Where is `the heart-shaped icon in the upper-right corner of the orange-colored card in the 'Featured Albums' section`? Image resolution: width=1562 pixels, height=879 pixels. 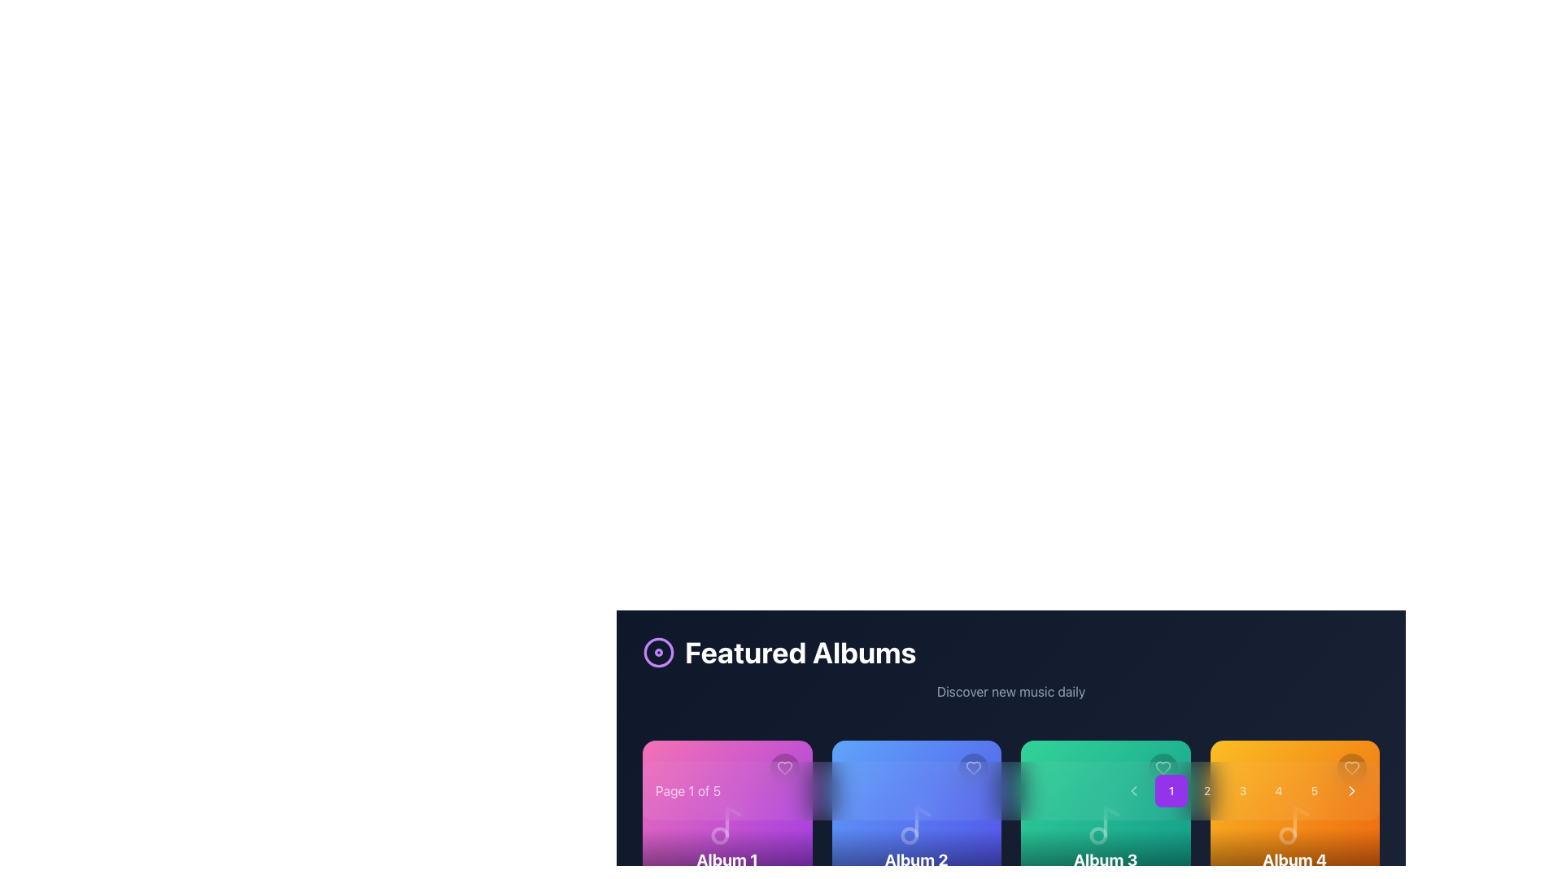 the heart-shaped icon in the upper-right corner of the orange-colored card in the 'Featured Albums' section is located at coordinates (1351, 768).